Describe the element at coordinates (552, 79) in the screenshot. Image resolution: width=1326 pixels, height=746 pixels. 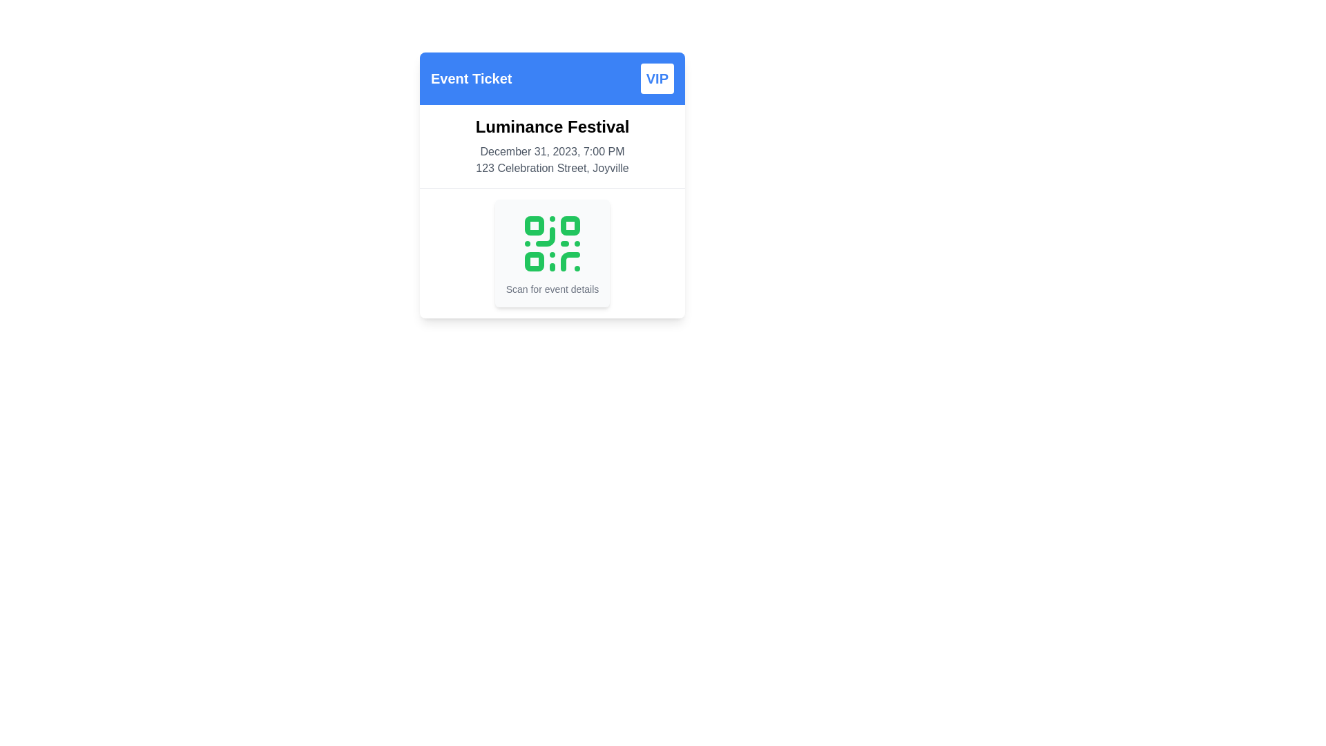
I see `the styled informational banner at the top of the event card that indicates the type of ticket (e.g., 'VIP')` at that location.